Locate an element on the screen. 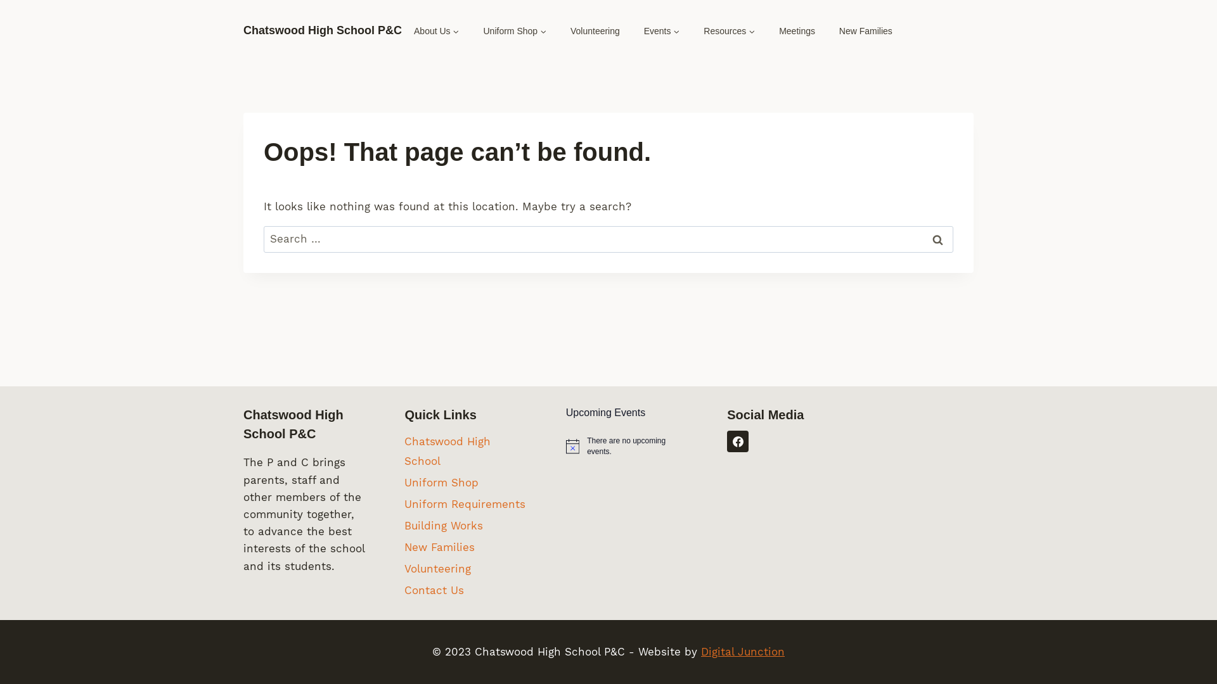 The image size is (1217, 684). 'Chatswood High School' is located at coordinates (465, 450).